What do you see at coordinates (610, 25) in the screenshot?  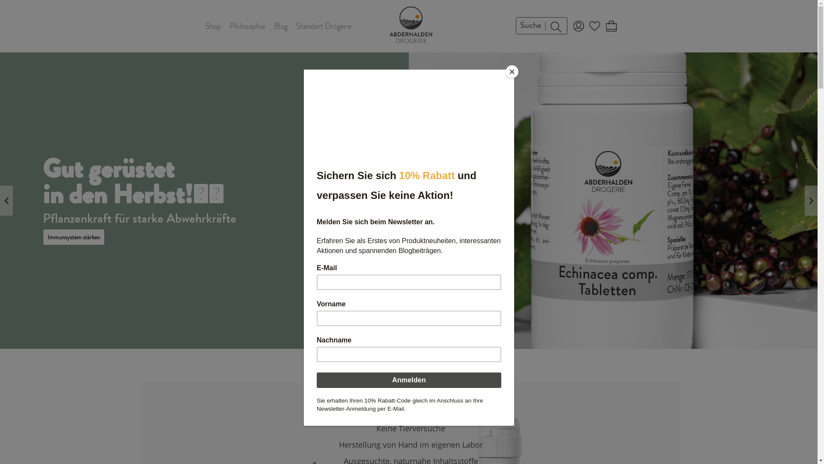 I see `'Warenkorb'` at bounding box center [610, 25].